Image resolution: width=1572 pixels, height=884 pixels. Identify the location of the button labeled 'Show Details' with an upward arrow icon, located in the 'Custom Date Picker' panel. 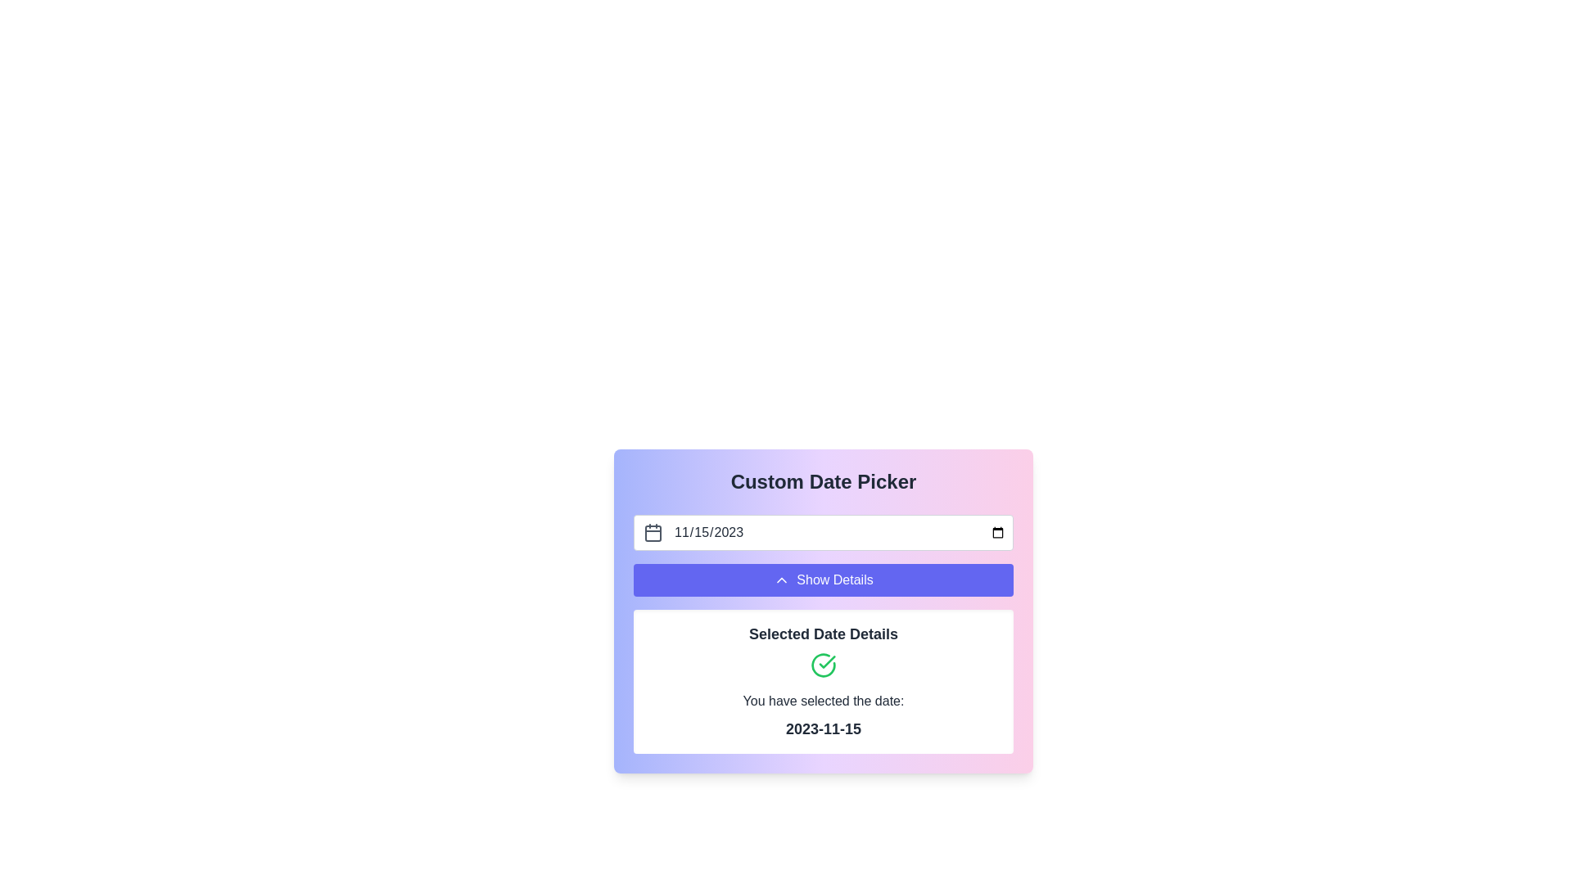
(824, 580).